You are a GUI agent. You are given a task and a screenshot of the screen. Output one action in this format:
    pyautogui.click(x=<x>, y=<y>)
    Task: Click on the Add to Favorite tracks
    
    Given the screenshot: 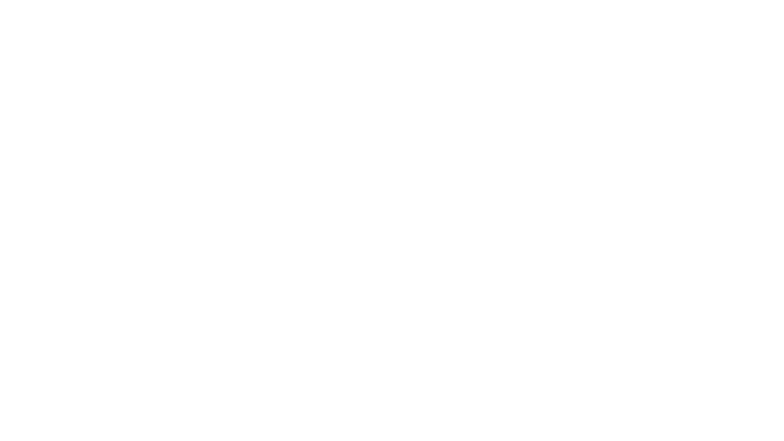 What is the action you would take?
    pyautogui.click(x=129, y=307)
    